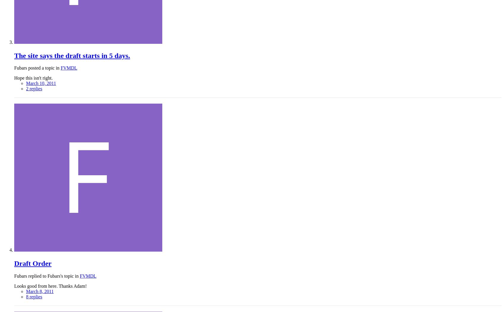 Image resolution: width=504 pixels, height=312 pixels. What do you see at coordinates (33, 78) in the screenshot?
I see `'Hope this isn't right.'` at bounding box center [33, 78].